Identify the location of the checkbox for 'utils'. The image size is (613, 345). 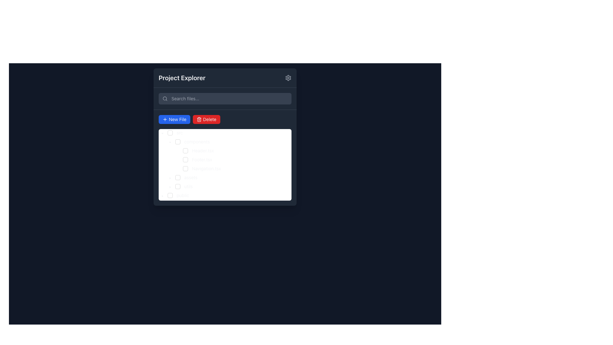
(178, 186).